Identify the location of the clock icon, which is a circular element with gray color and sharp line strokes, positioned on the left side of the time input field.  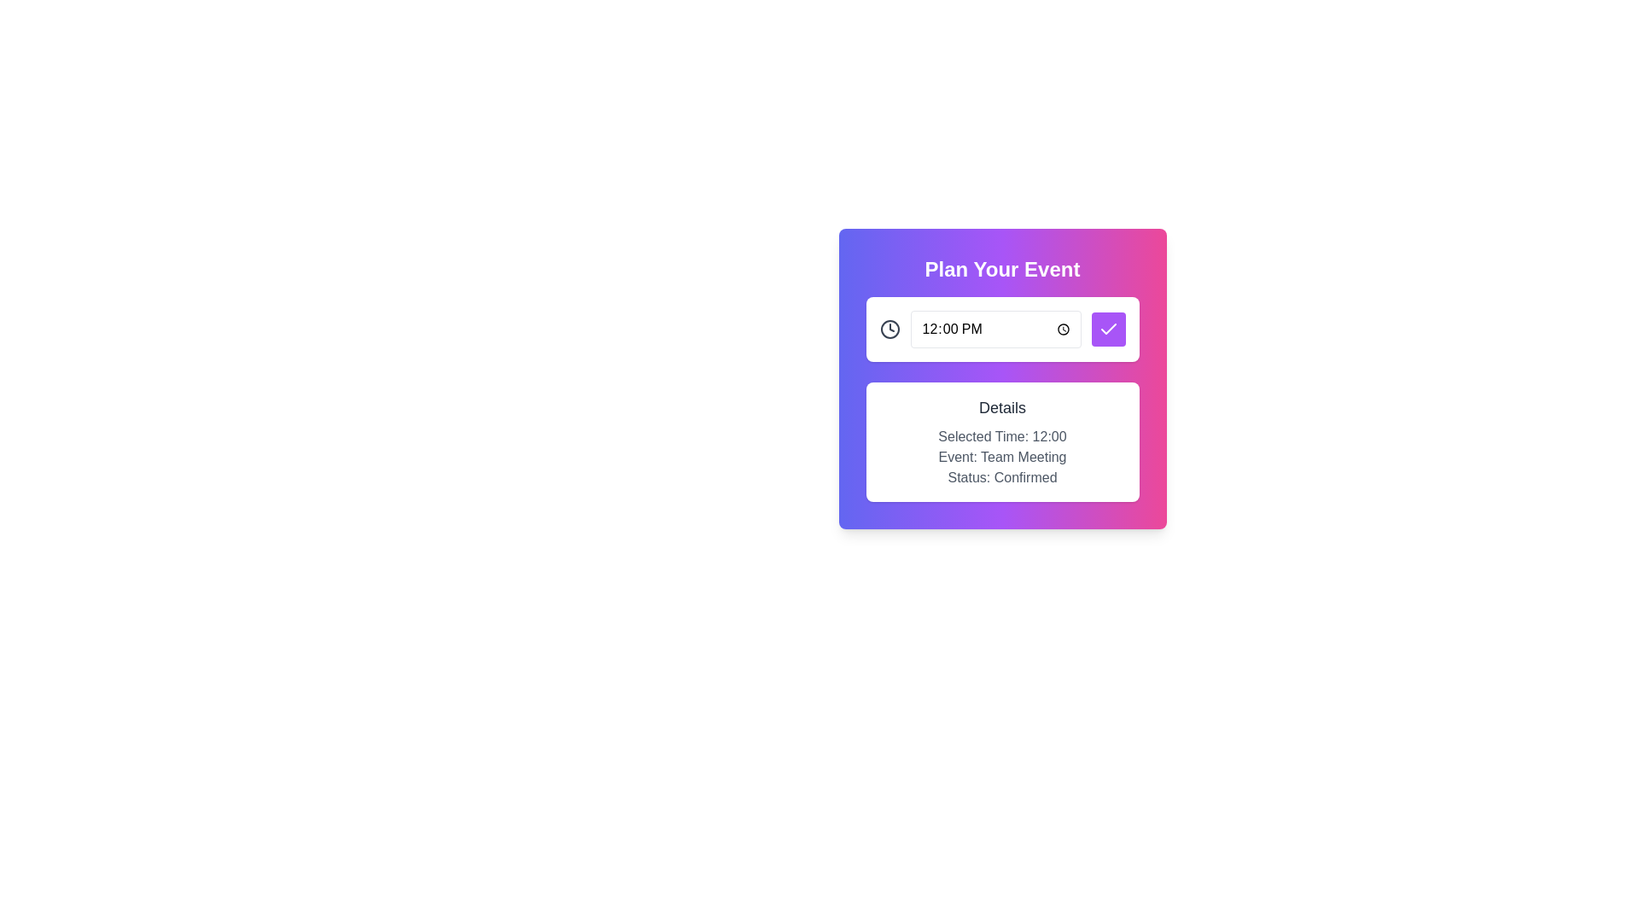
(889, 329).